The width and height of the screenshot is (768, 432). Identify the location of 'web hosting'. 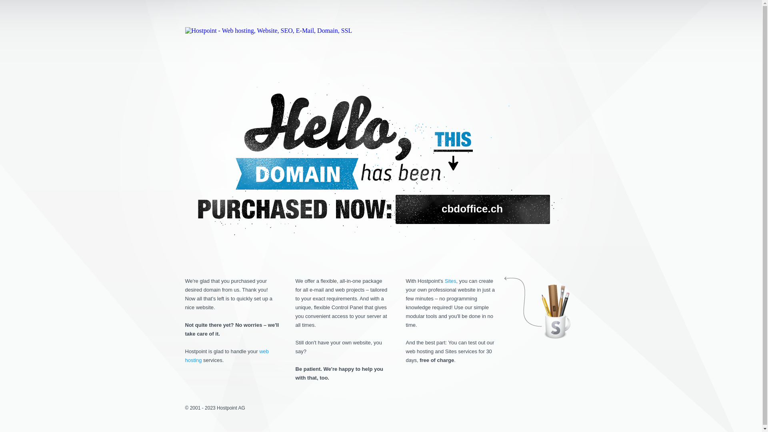
(184, 355).